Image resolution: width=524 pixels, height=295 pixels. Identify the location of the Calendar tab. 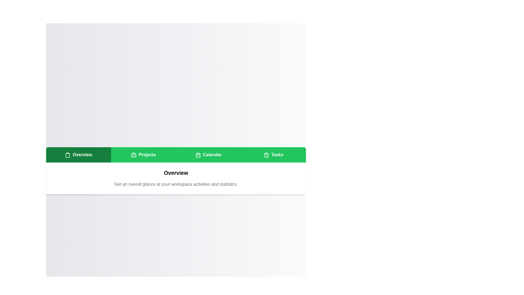
(208, 155).